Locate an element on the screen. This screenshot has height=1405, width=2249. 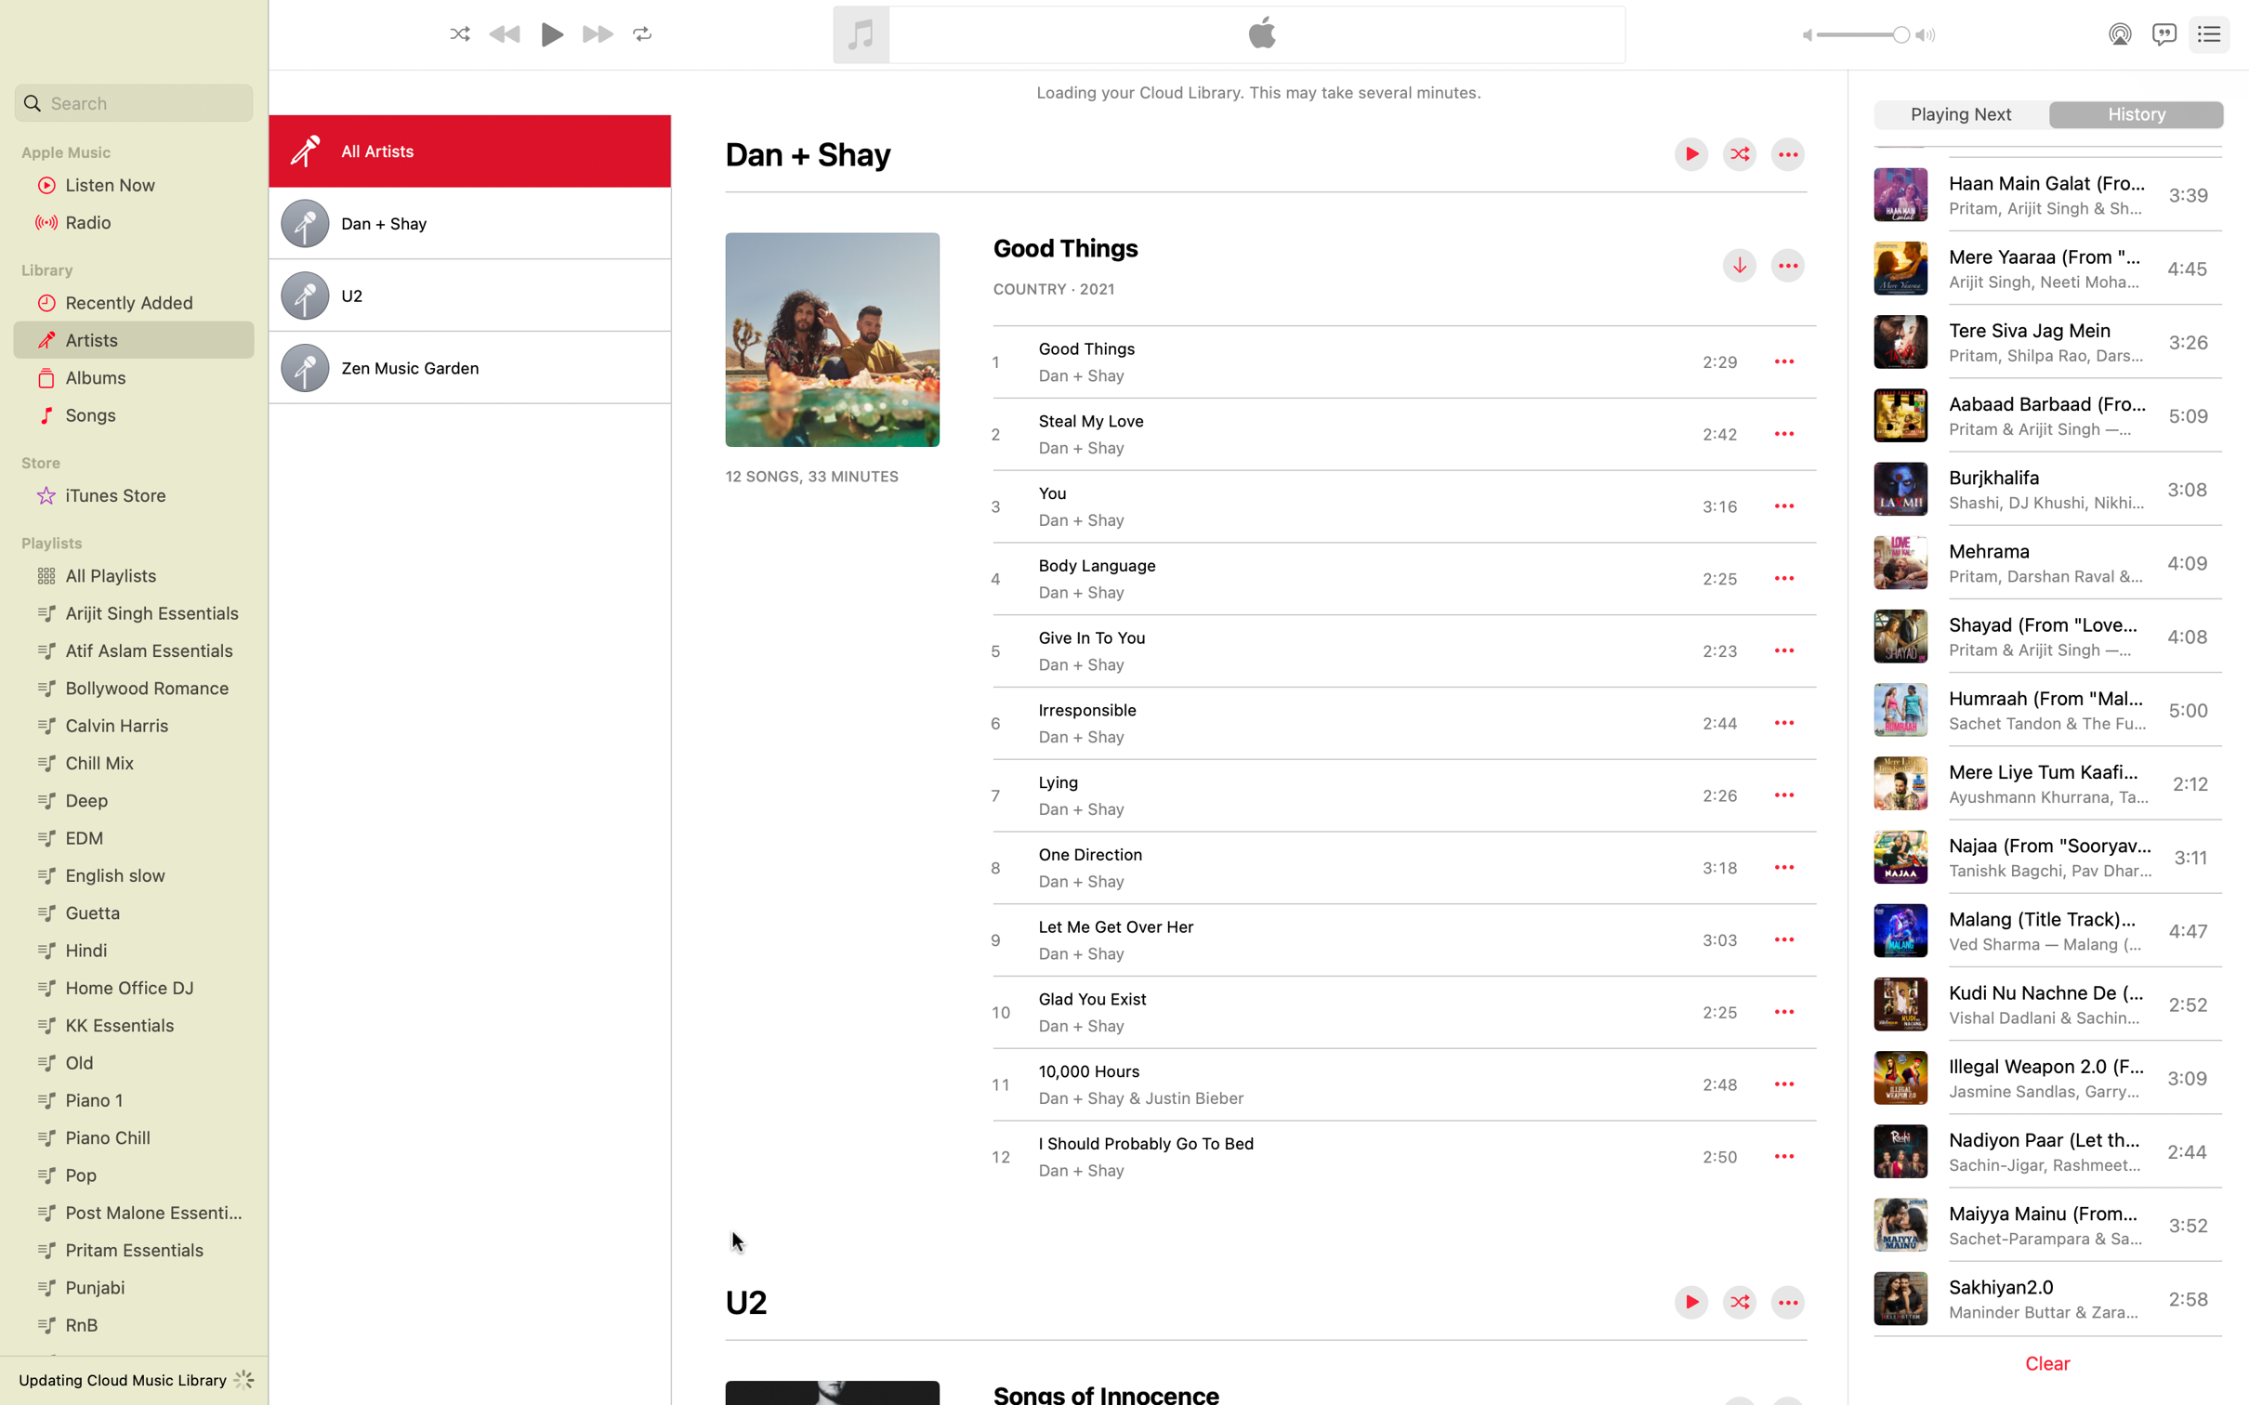
the list view for the dan shay playlist is located at coordinates (468, 223).